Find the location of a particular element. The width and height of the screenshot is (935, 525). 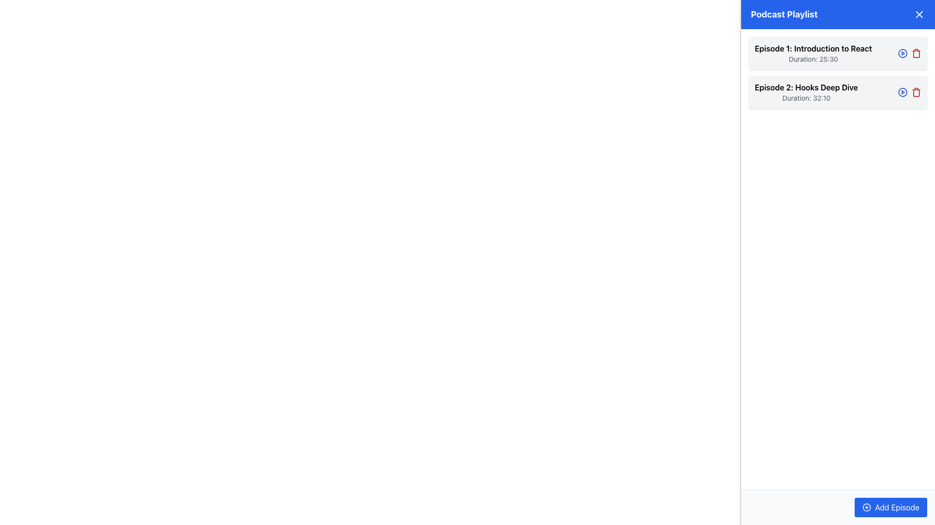

the close button for the 'Podcast Playlist' section, located at the top-right corner of the blue header bar is located at coordinates (918, 15).